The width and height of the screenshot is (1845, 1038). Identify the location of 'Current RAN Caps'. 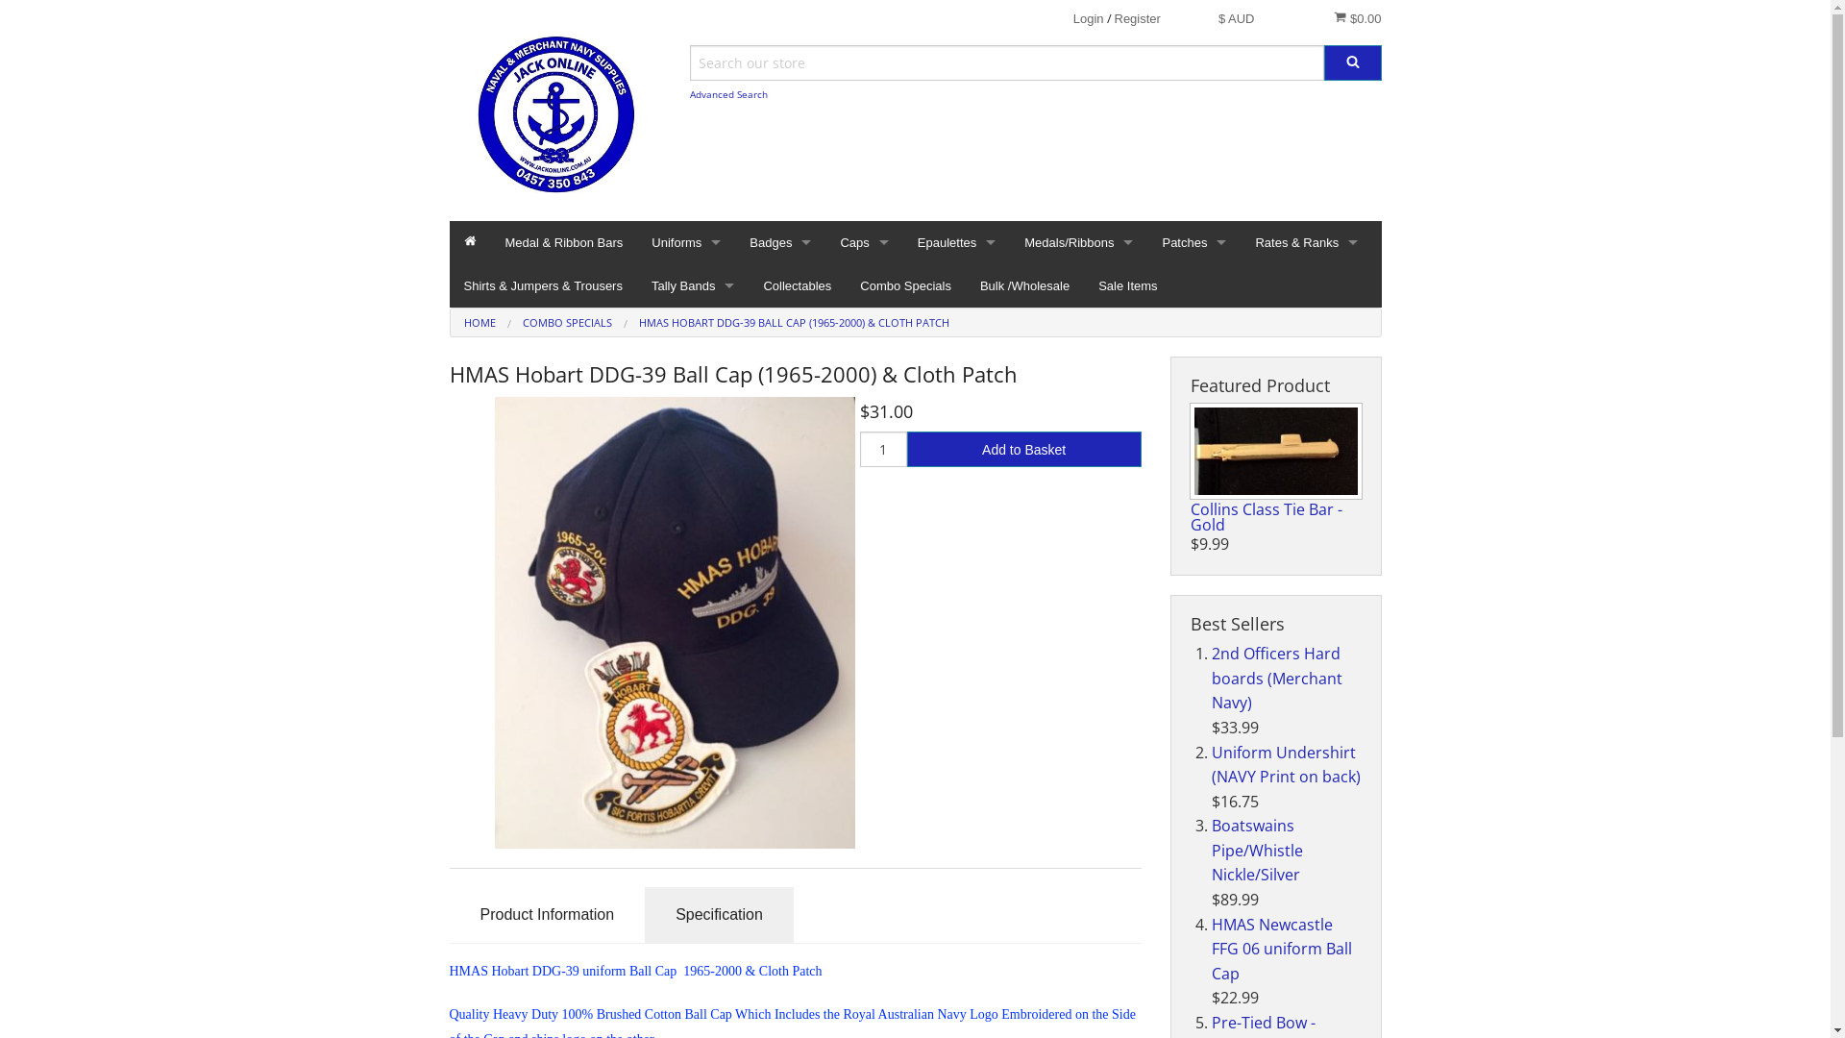
(862, 353).